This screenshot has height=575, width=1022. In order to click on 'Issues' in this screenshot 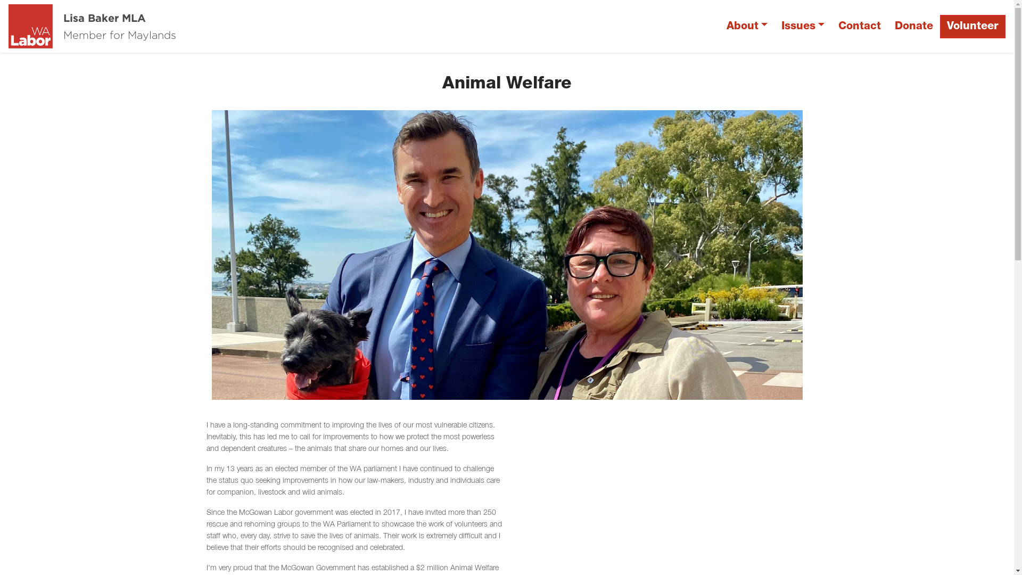, I will do `click(803, 26)`.